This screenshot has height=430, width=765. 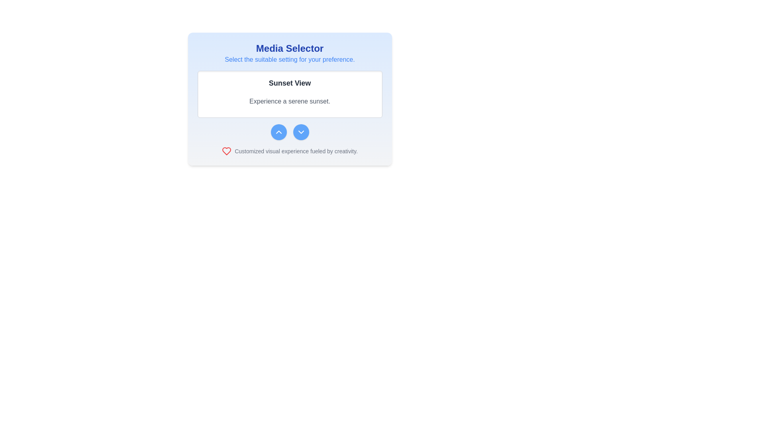 I want to click on text from the text box titled 'Sunset View' which contains the subtitle 'Experience a serene sunset.', so click(x=289, y=105).